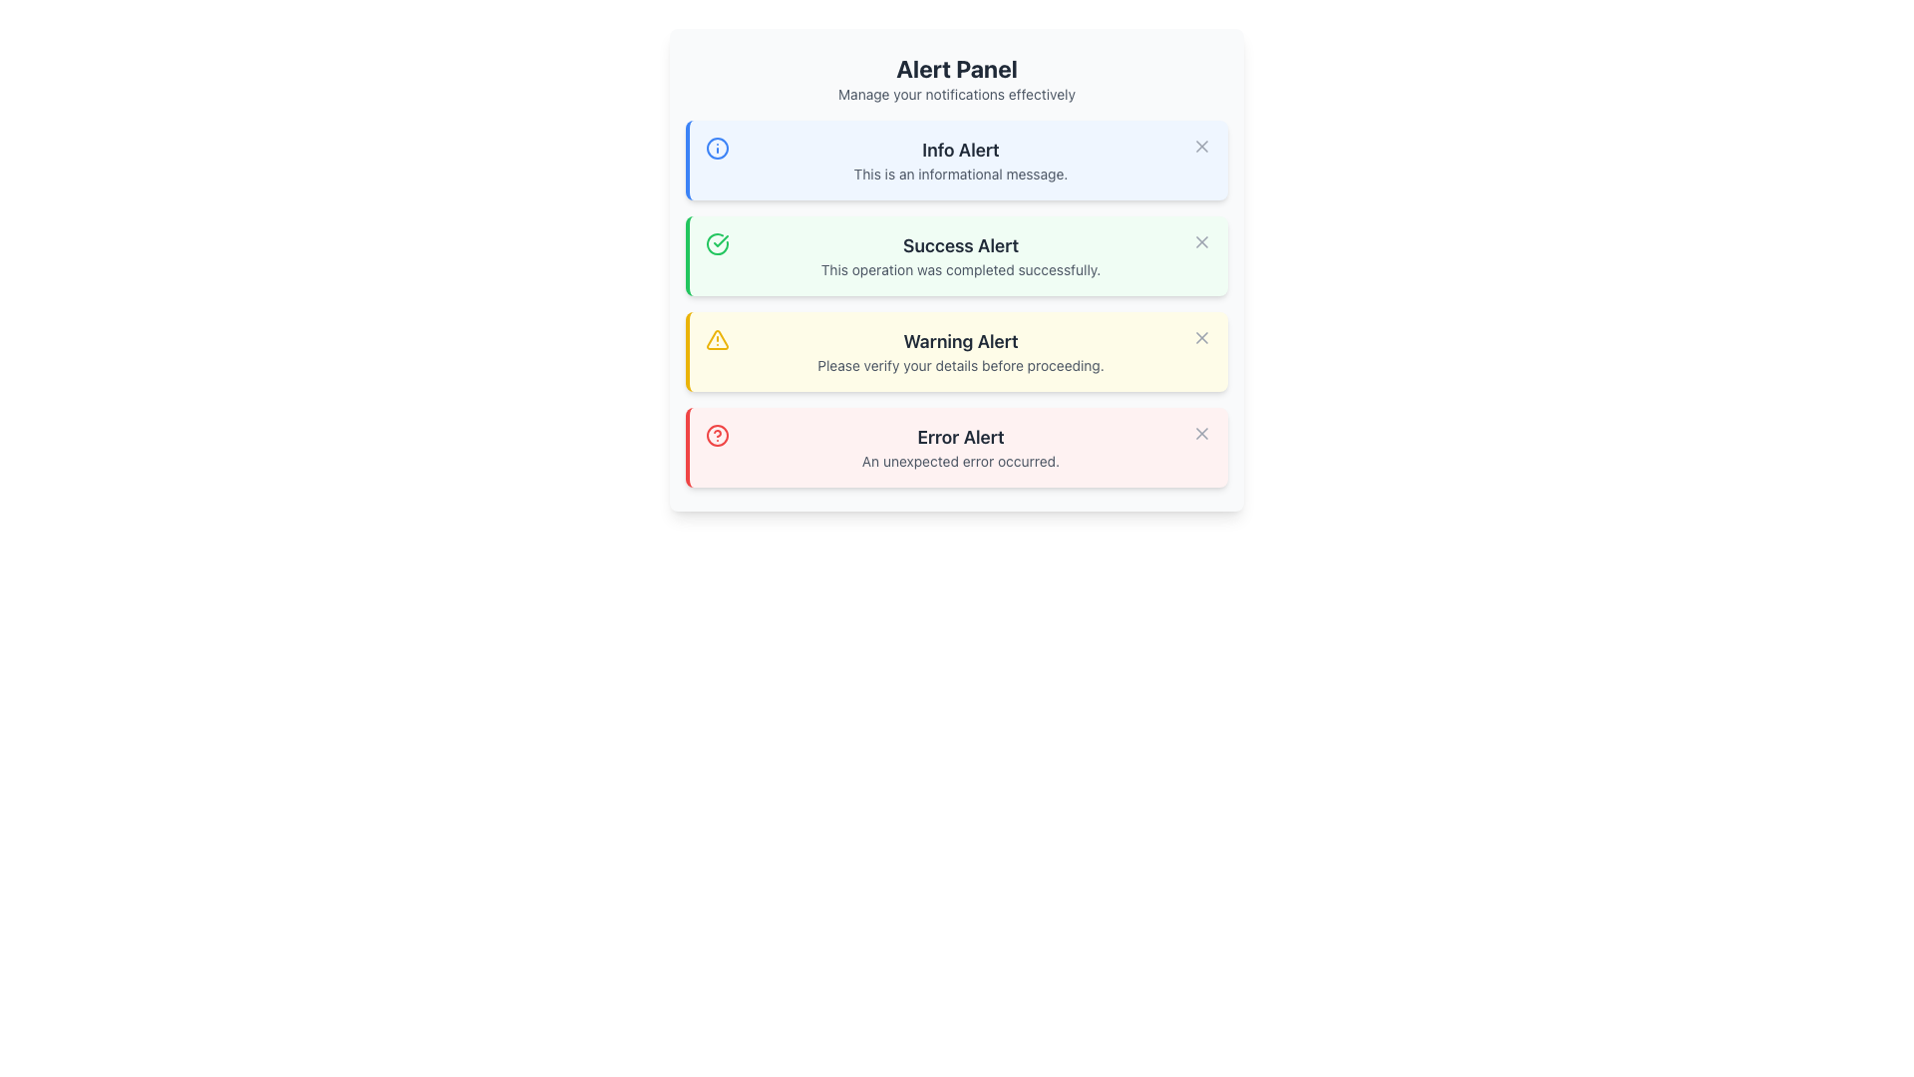  I want to click on the 'Error Alert' text element, which is bold and dark gray, located in the fourth alert box within a red box on a light red background, so click(961, 437).